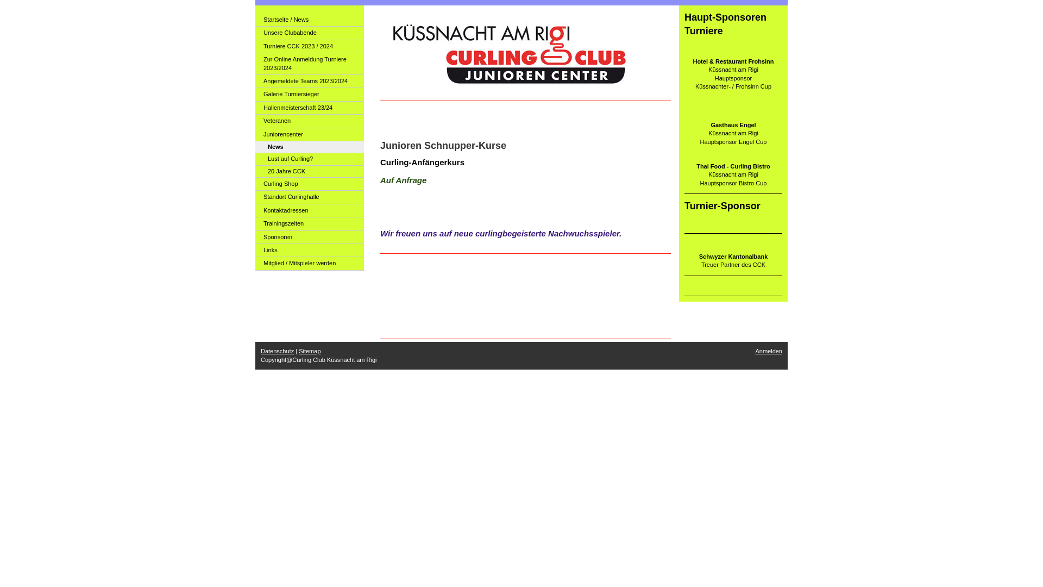 The width and height of the screenshot is (1043, 587). I want to click on 'Datenschutz', so click(277, 351).